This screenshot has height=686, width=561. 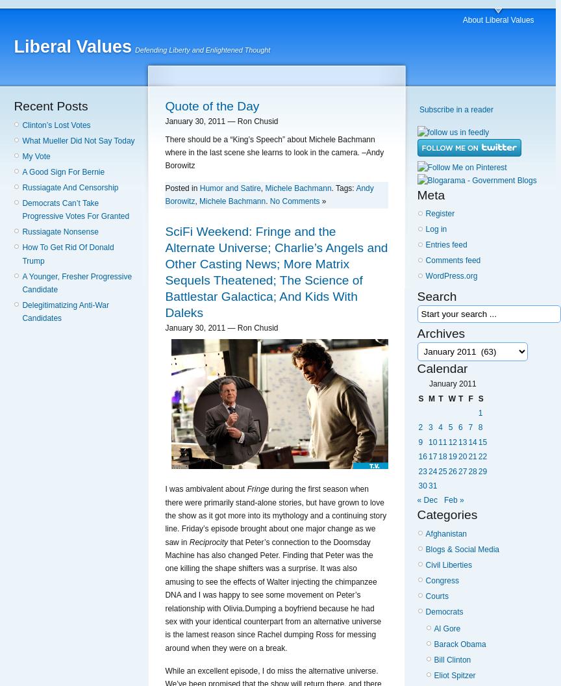 What do you see at coordinates (427, 485) in the screenshot?
I see `'31'` at bounding box center [427, 485].